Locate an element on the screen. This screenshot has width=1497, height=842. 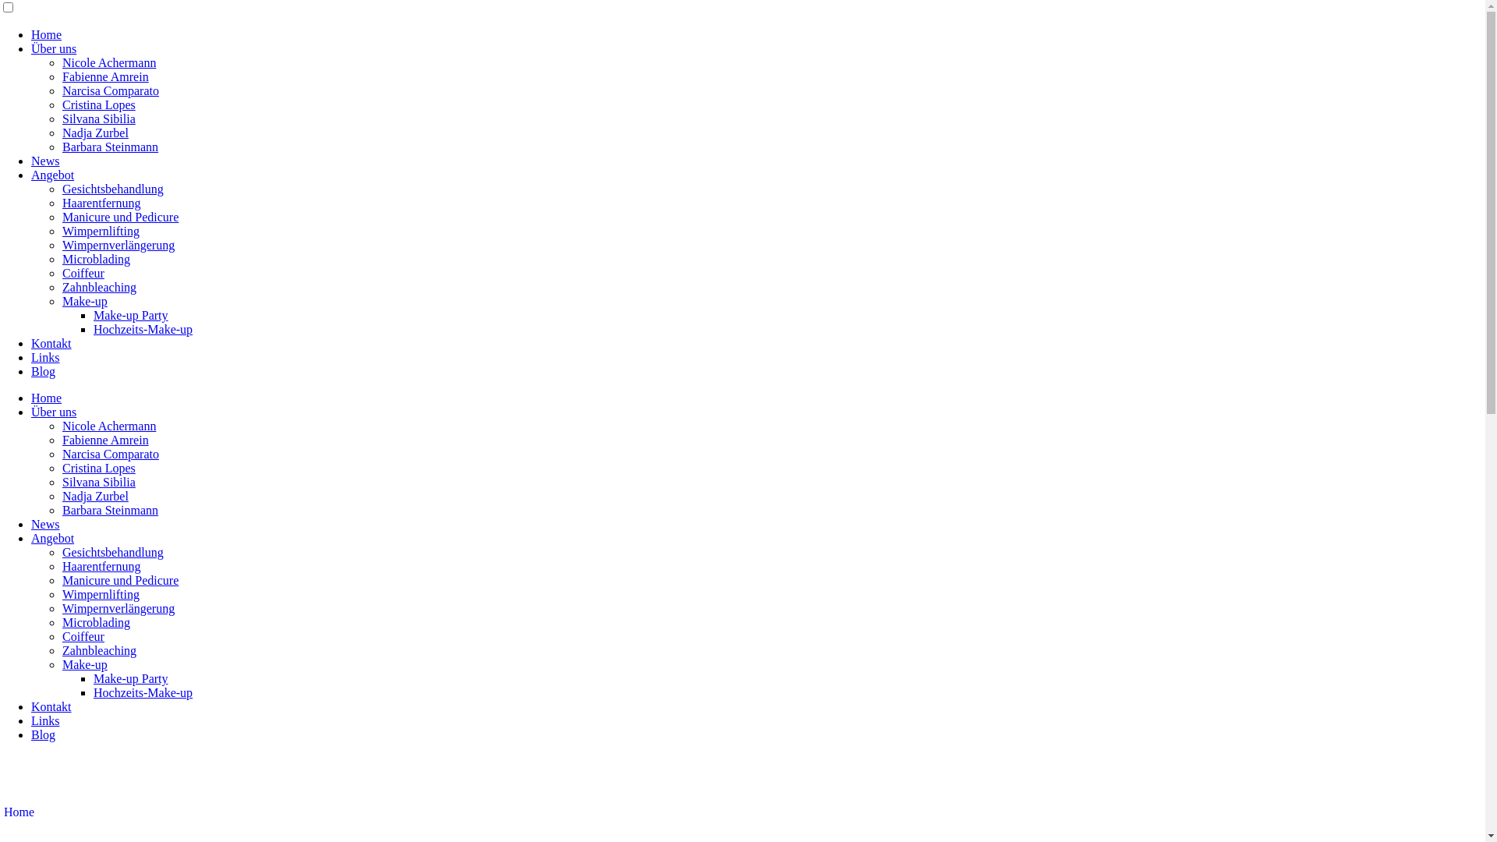
'Cristina Lopes' is located at coordinates (97, 104).